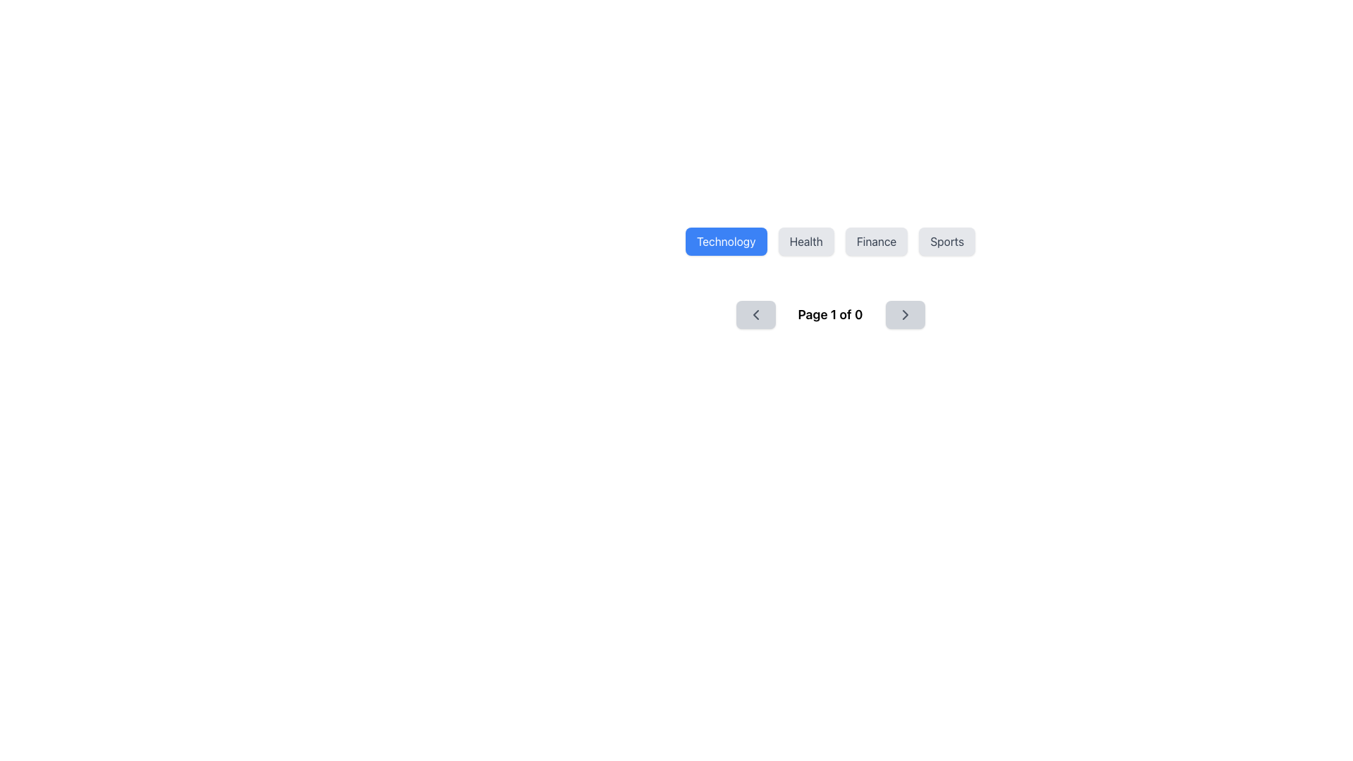 The height and width of the screenshot is (761, 1353). I want to click on the right-pointing chevron icon embedded inside a rounded rectangular button in the pagination toolbar to potentially see a tooltip, so click(905, 314).